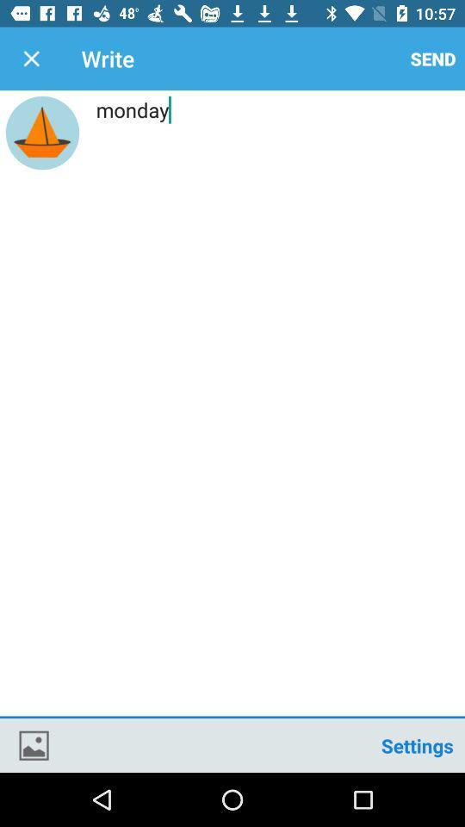 The width and height of the screenshot is (465, 827). What do you see at coordinates (232, 406) in the screenshot?
I see `the monday` at bounding box center [232, 406].